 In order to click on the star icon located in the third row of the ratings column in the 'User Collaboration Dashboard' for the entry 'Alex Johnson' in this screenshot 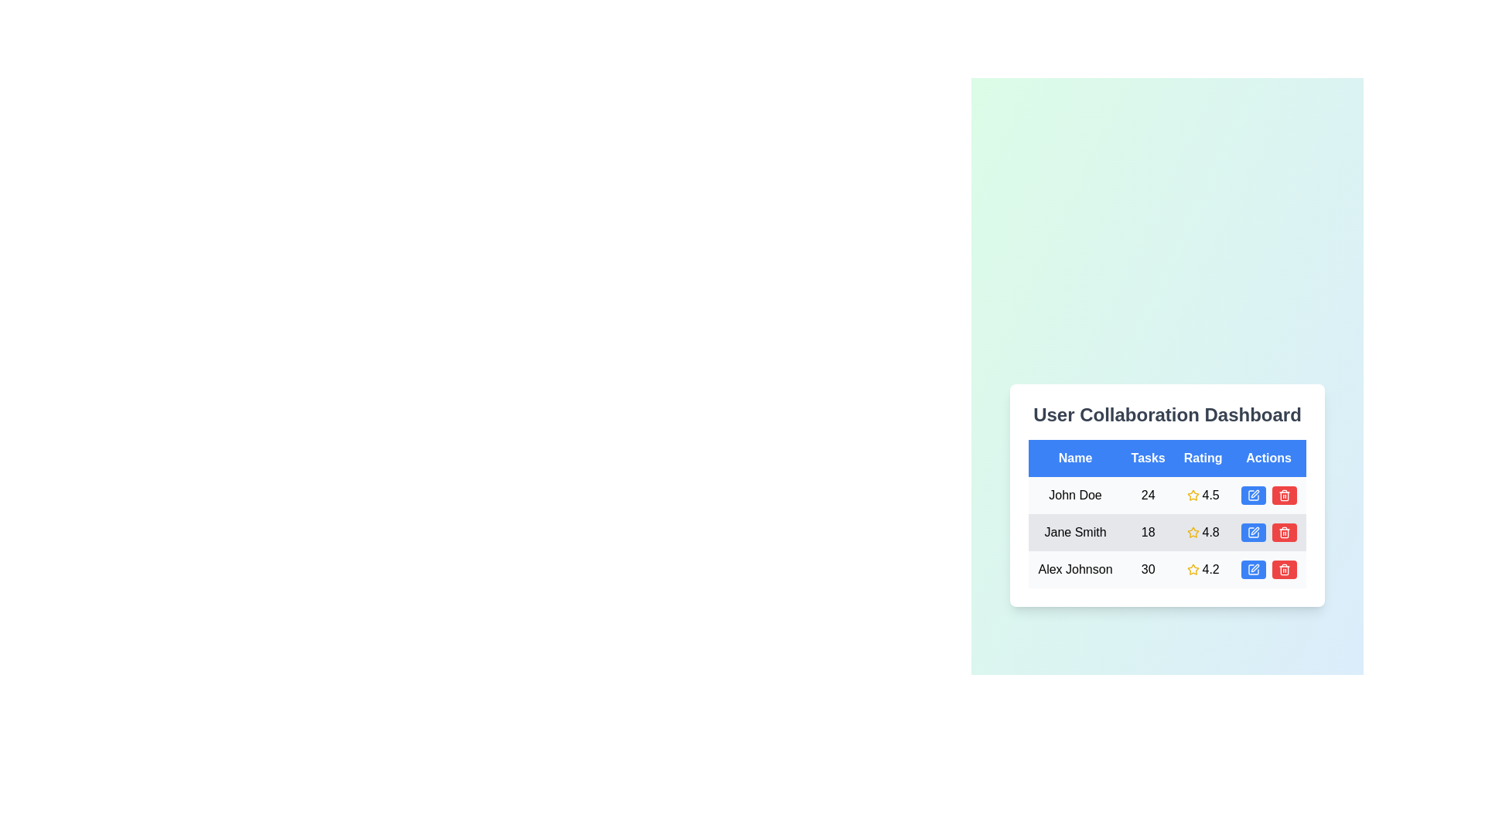, I will do `click(1192, 569)`.